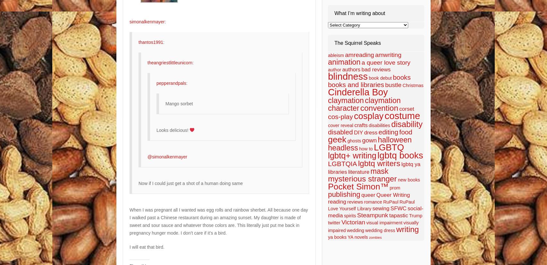 Image resolution: width=547 pixels, height=265 pixels. What do you see at coordinates (379, 171) in the screenshot?
I see `'mask'` at bounding box center [379, 171].